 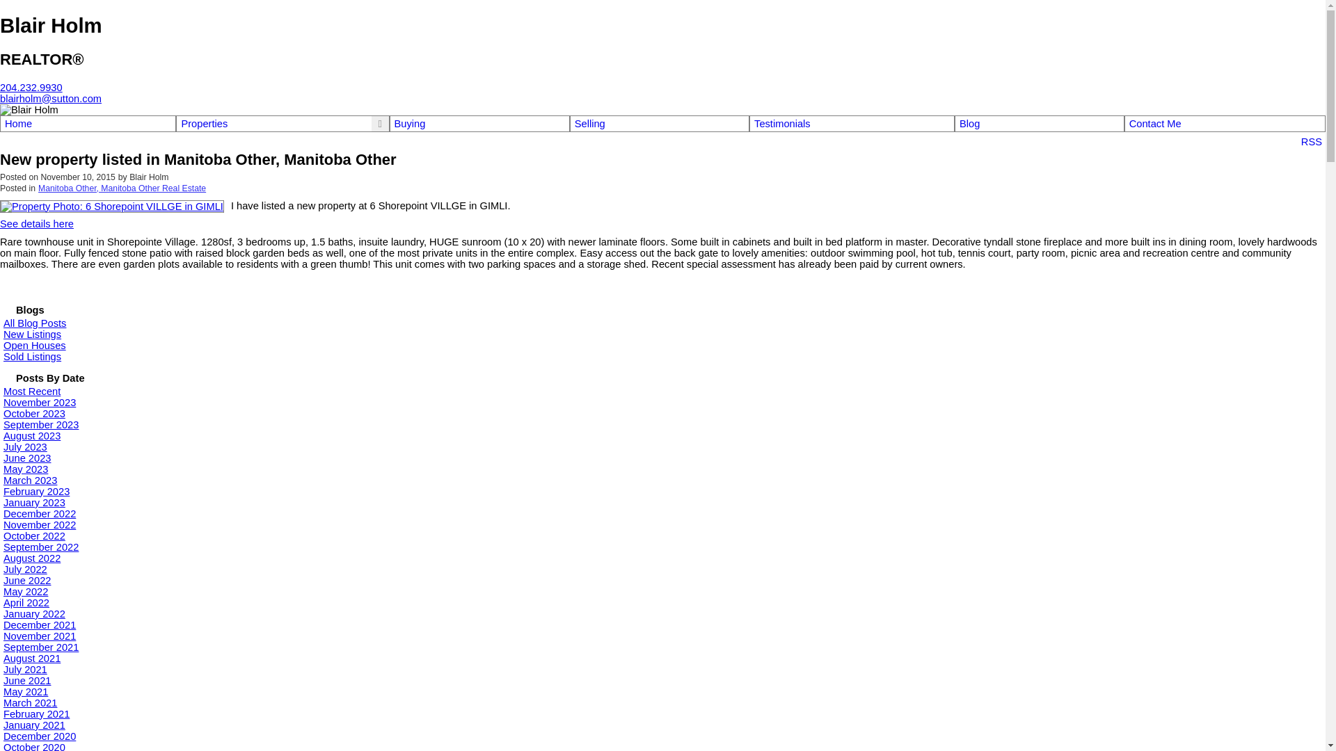 I want to click on 'May 2023', so click(x=26, y=469).